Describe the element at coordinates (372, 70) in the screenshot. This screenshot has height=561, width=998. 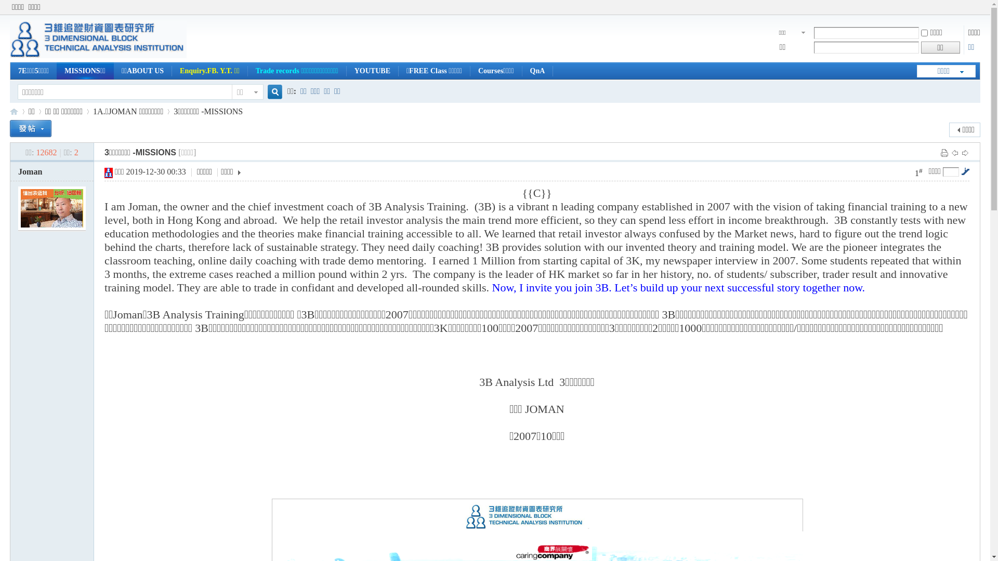
I see `'YOUTUBE'` at that location.